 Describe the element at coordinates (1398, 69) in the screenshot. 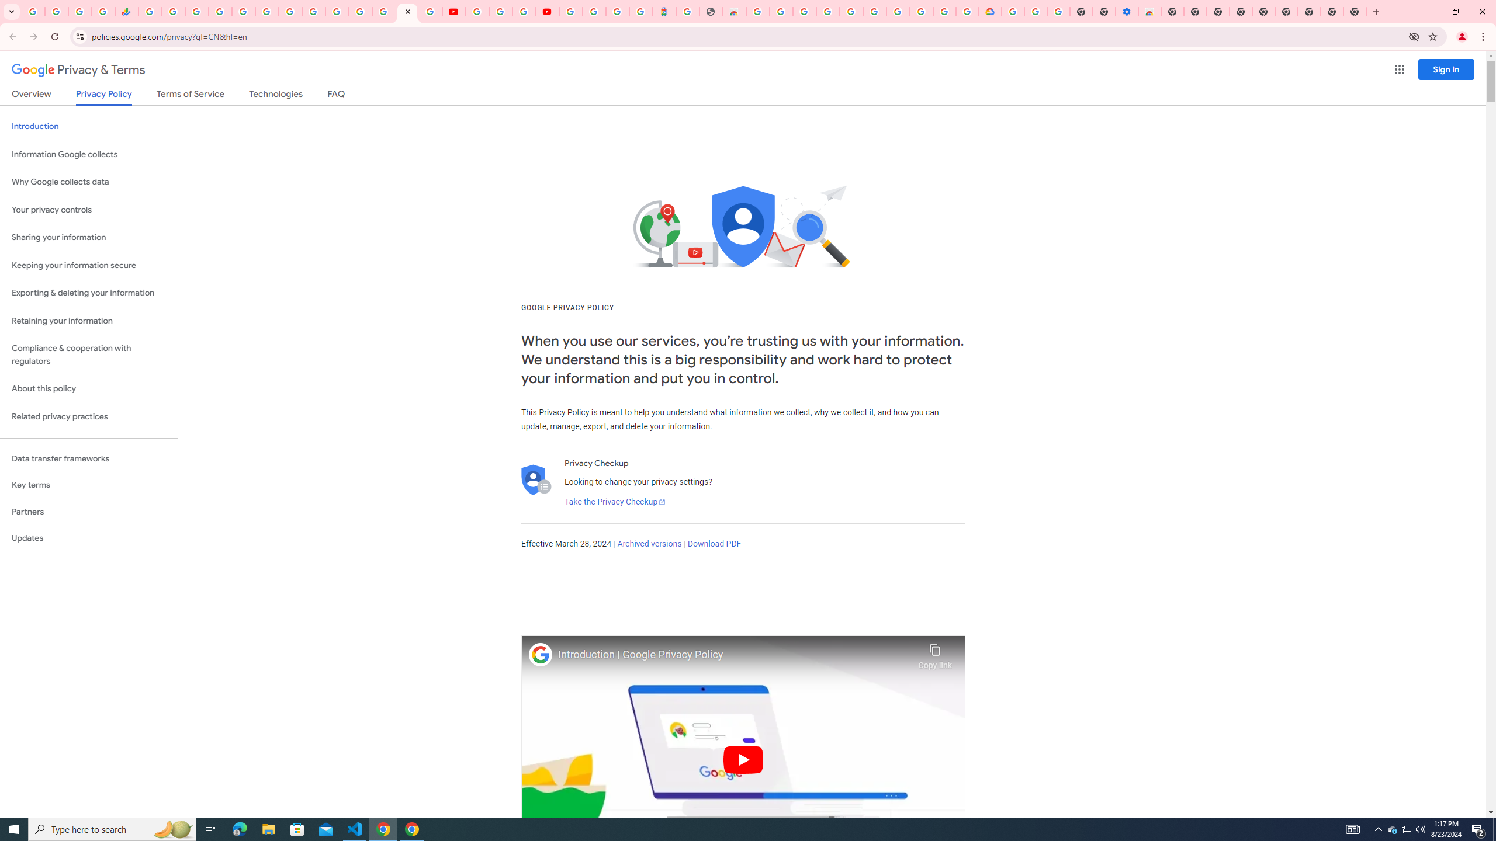

I see `'Google apps'` at that location.